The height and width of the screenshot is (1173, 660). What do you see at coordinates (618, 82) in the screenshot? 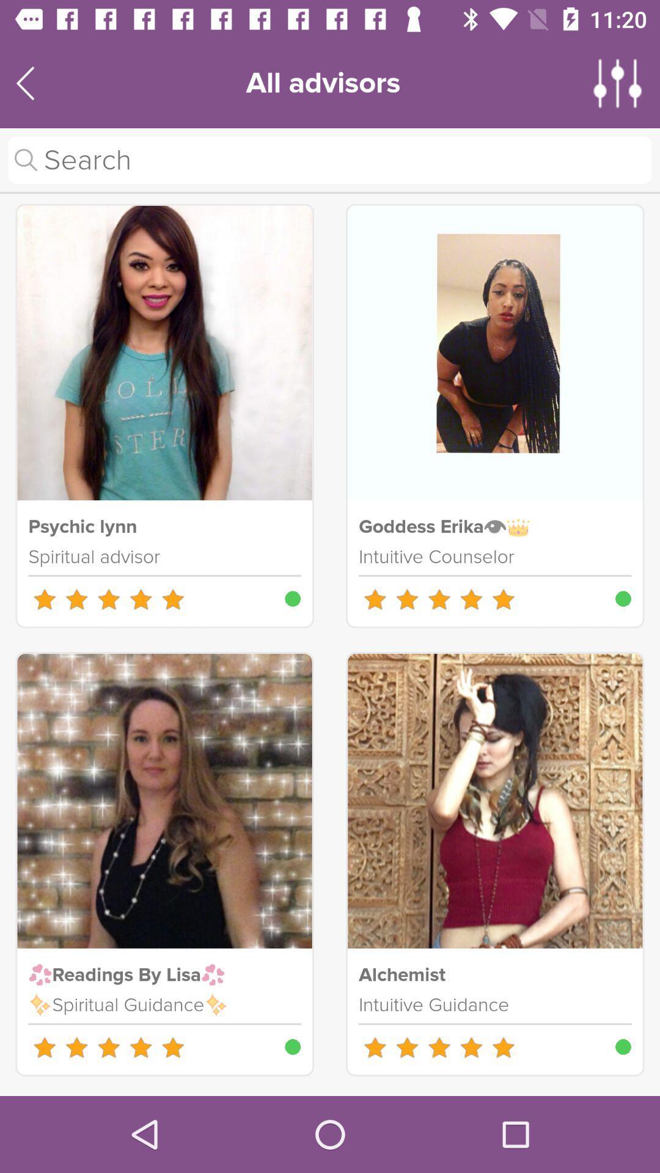
I see `change appearance` at bounding box center [618, 82].